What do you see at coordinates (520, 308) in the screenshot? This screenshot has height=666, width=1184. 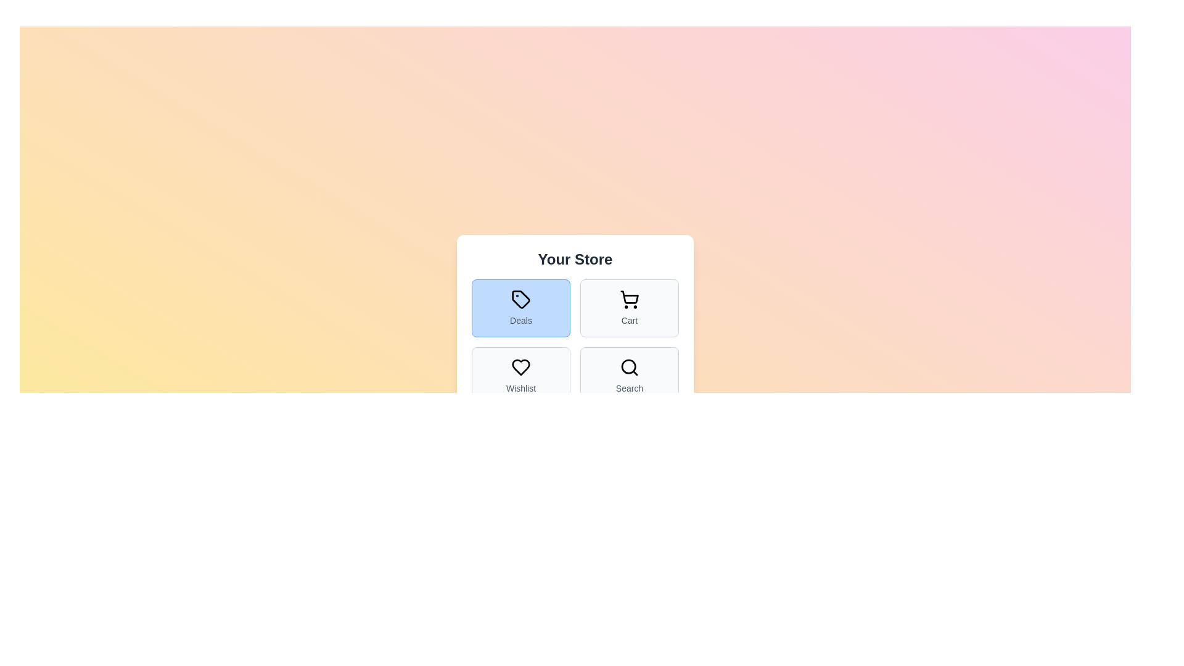 I see `the Deals tab button to observe its hover effect` at bounding box center [520, 308].